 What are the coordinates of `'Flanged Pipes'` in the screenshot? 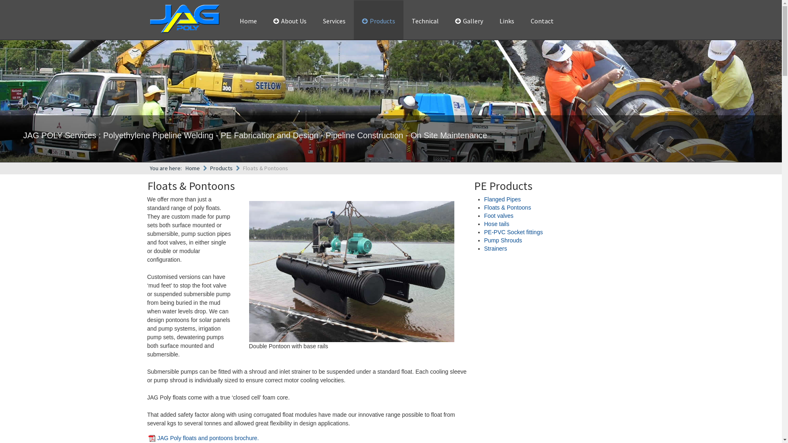 It's located at (502, 199).